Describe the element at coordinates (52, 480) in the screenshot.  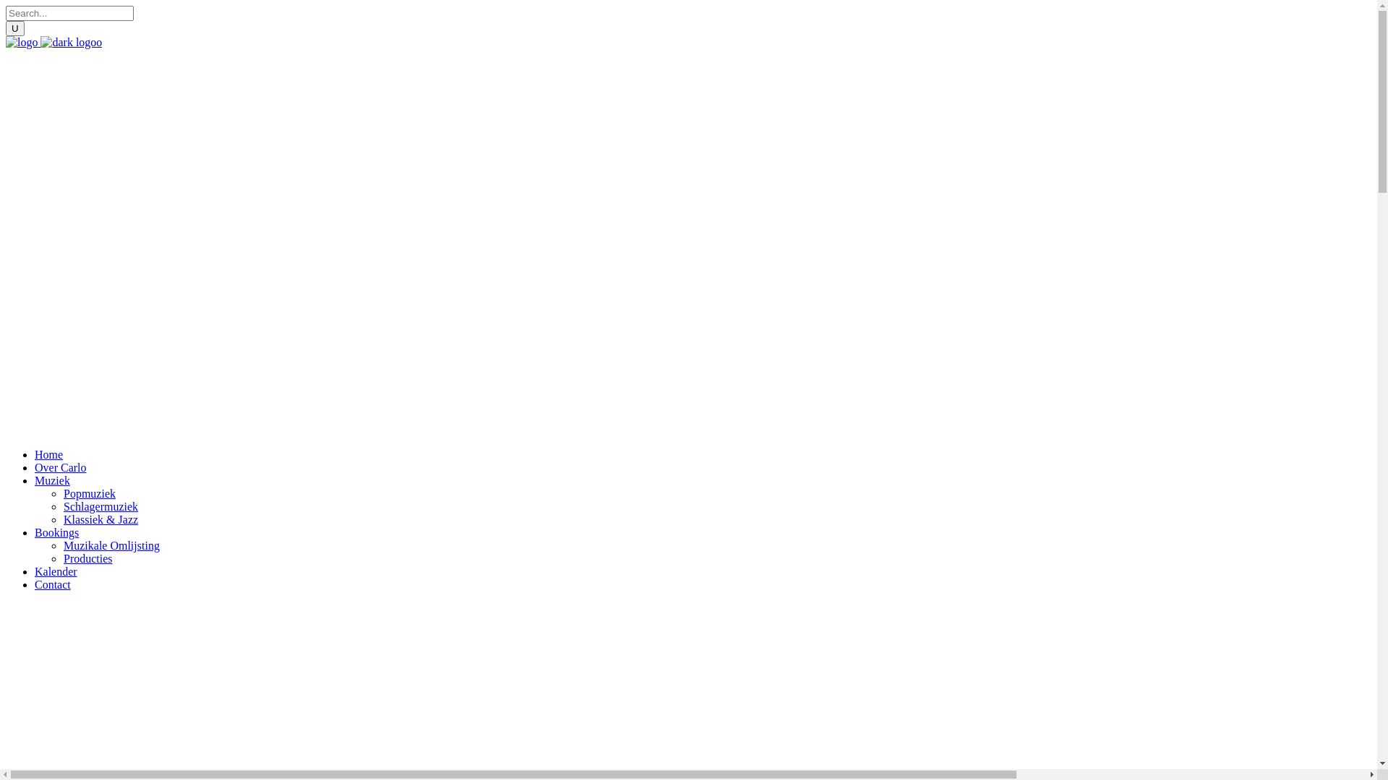
I see `'Muziek'` at that location.